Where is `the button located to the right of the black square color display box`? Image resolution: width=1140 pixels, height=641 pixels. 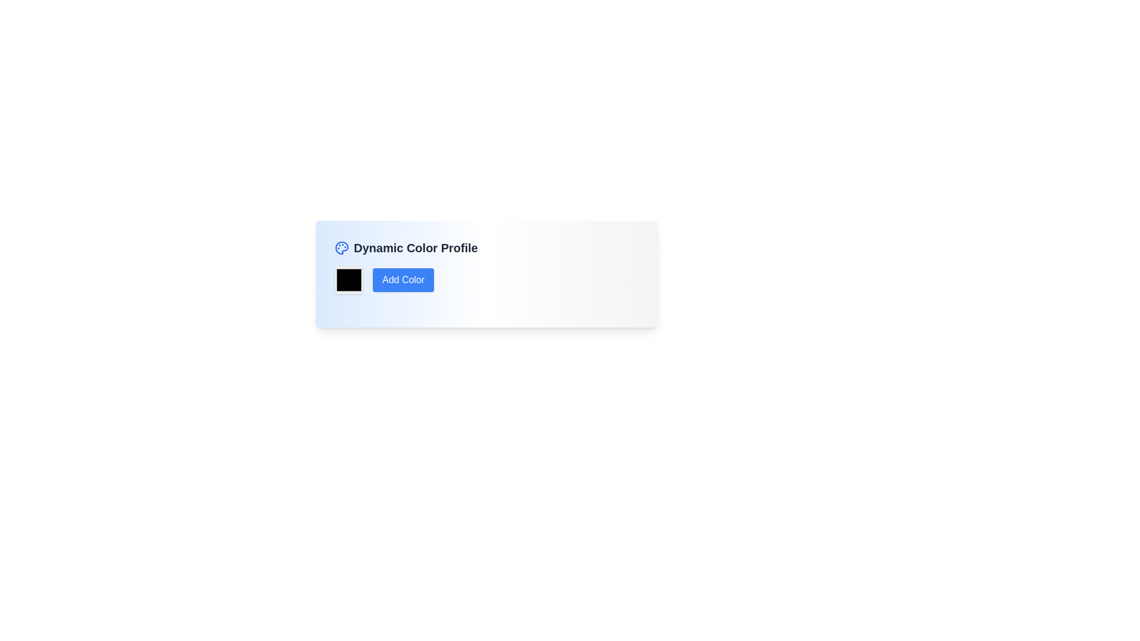
the button located to the right of the black square color display box is located at coordinates (403, 280).